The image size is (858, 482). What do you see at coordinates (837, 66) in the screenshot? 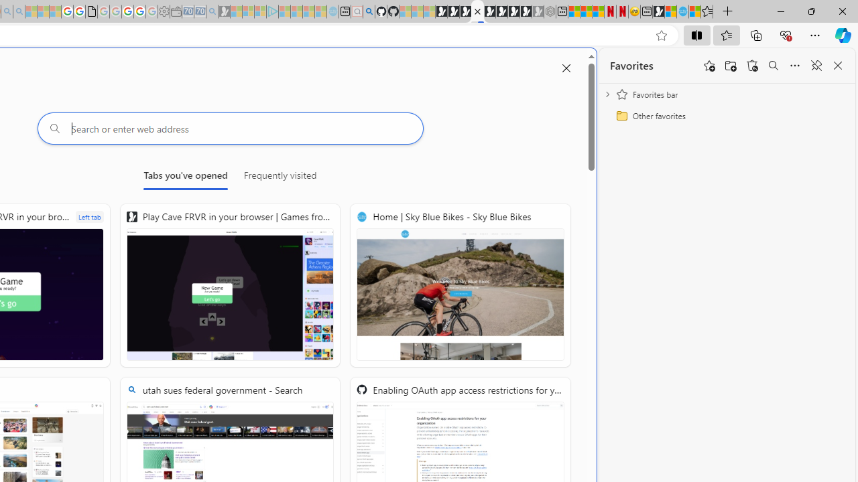
I see `'Close favorites'` at bounding box center [837, 66].